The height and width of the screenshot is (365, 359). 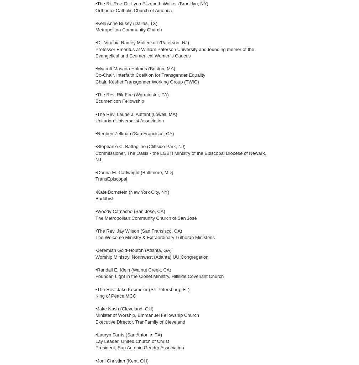 What do you see at coordinates (135, 133) in the screenshot?
I see `'•Reuben Zellman (San Francisco, CA)'` at bounding box center [135, 133].